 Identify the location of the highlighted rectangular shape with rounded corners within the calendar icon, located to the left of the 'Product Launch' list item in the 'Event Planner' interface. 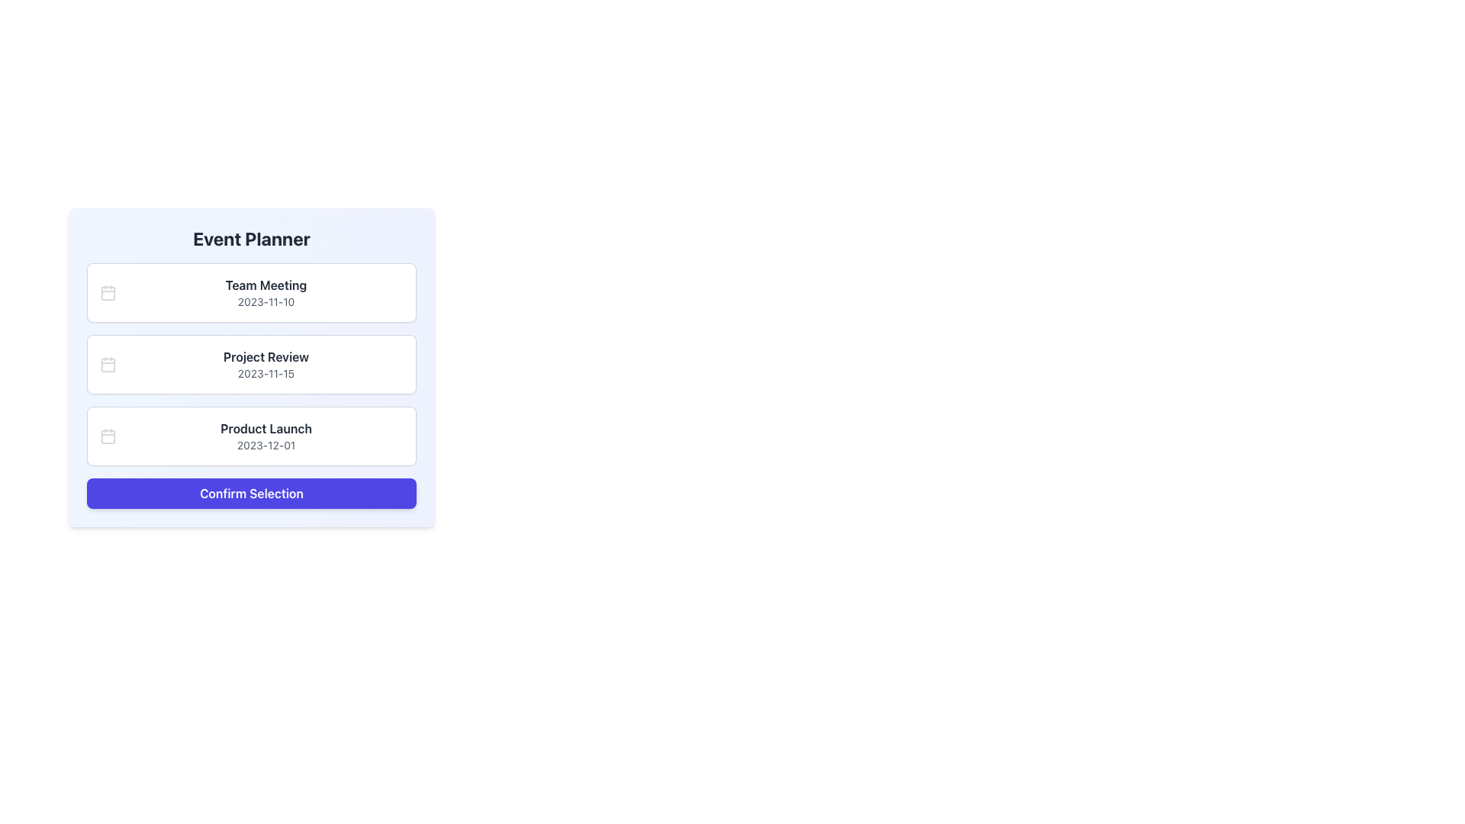
(108, 436).